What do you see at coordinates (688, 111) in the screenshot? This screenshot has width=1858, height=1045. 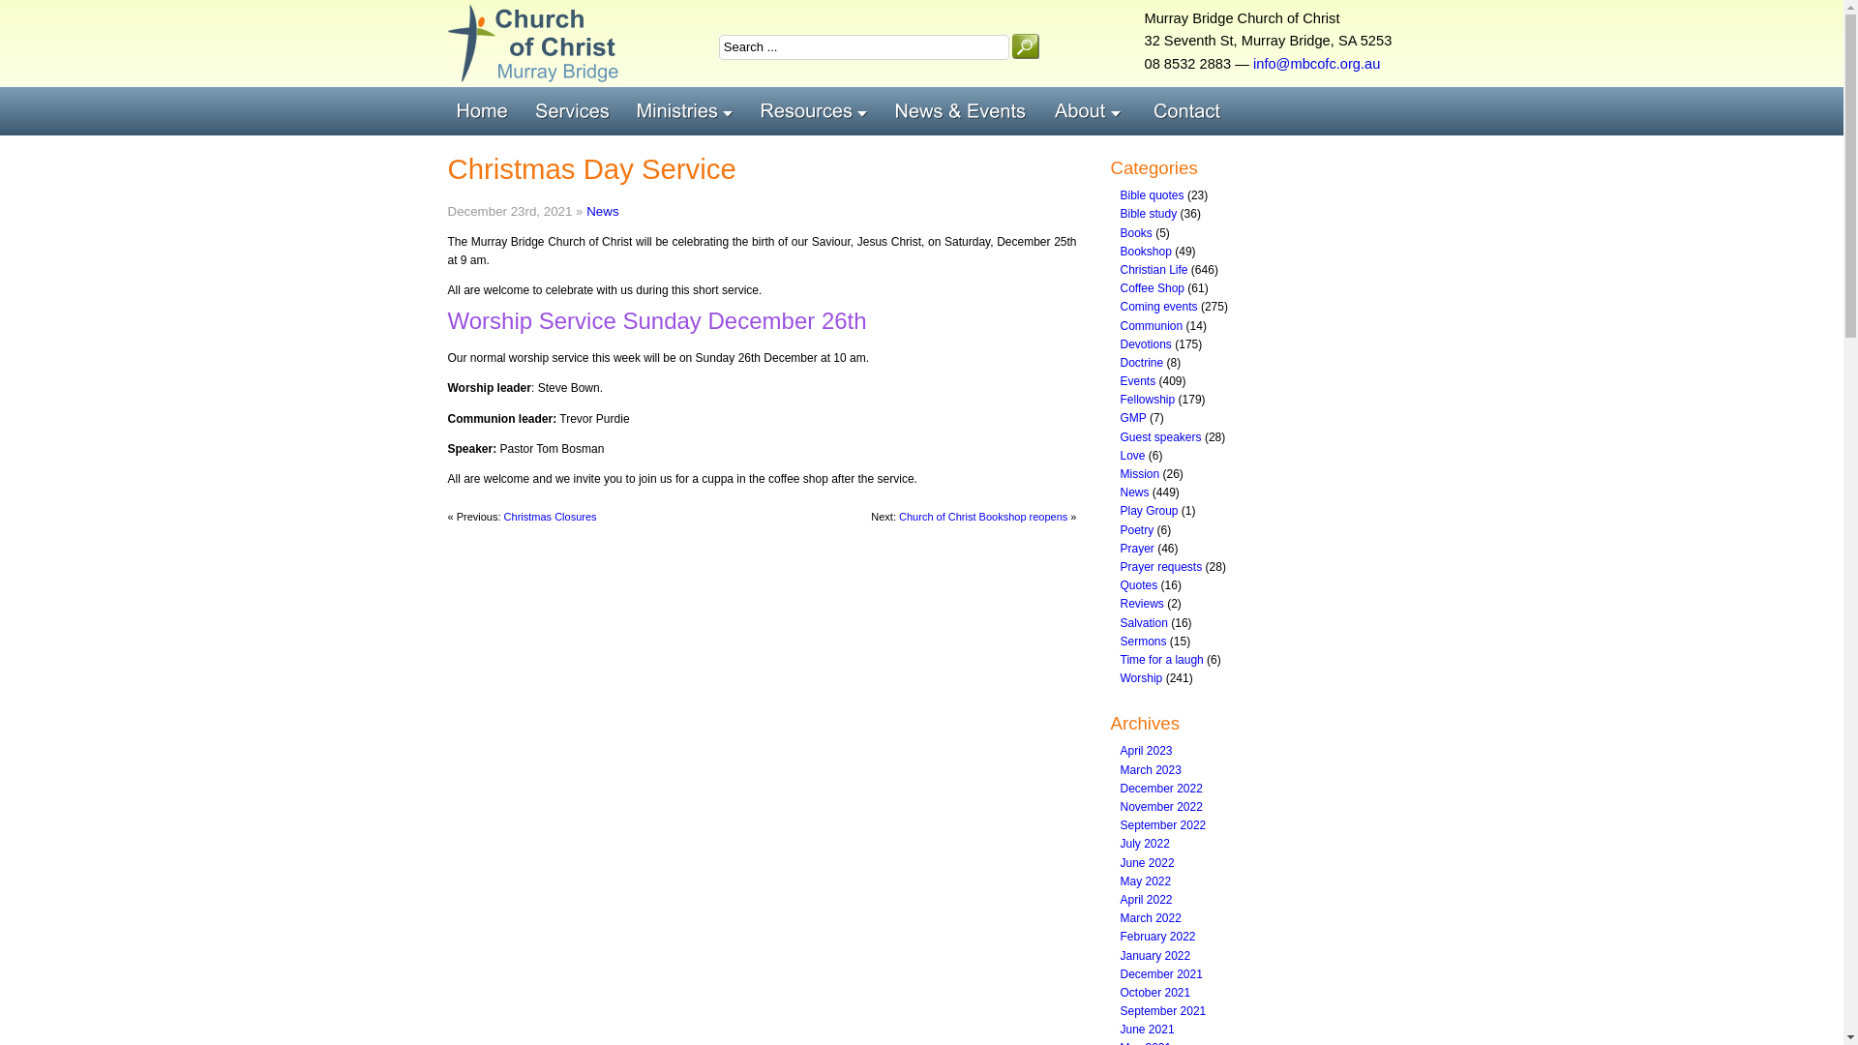 I see `'Ministries'` at bounding box center [688, 111].